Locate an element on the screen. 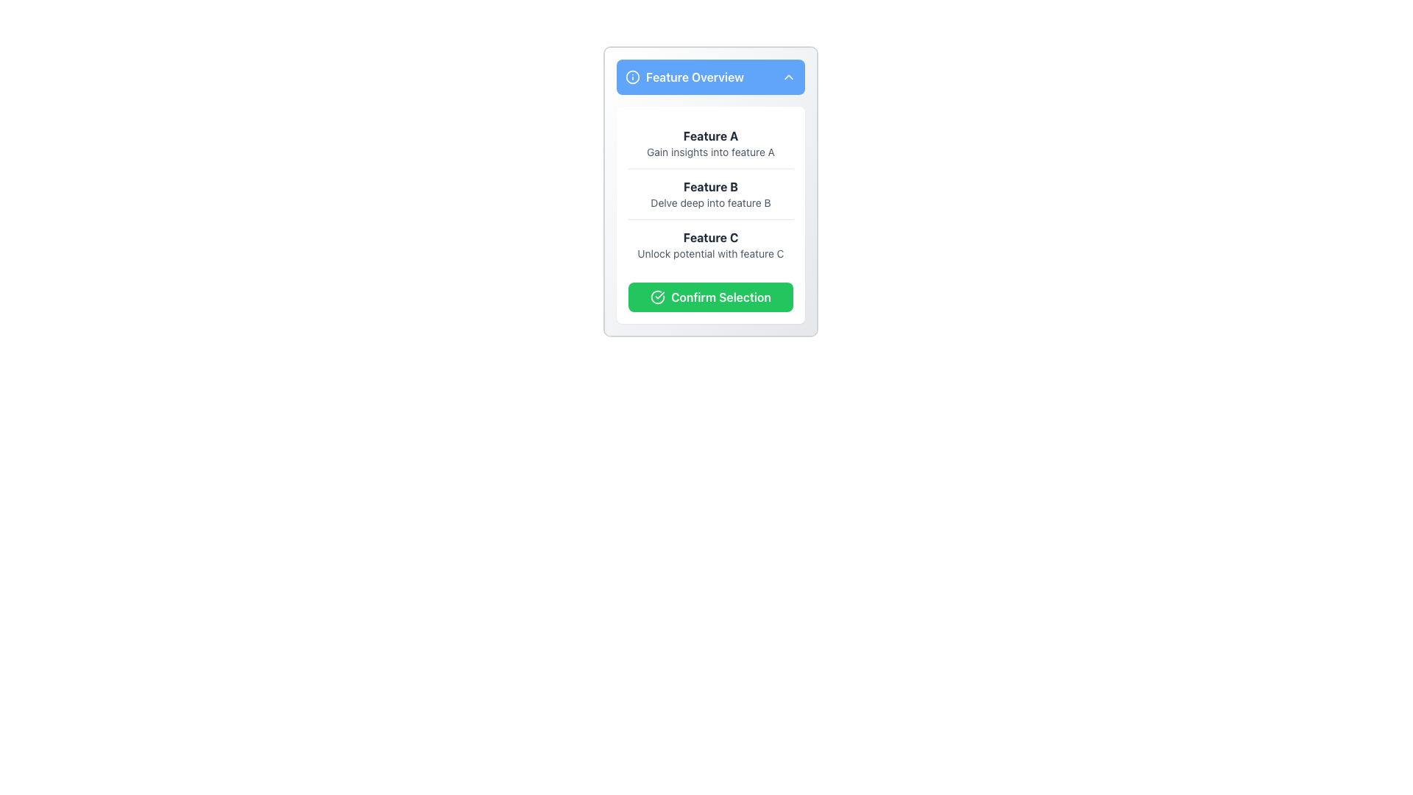 Image resolution: width=1413 pixels, height=795 pixels. the circular SVG graphical element with a thin stroke located in the upper left corner of the header section labeled 'Feature Overview' is located at coordinates (632, 77).